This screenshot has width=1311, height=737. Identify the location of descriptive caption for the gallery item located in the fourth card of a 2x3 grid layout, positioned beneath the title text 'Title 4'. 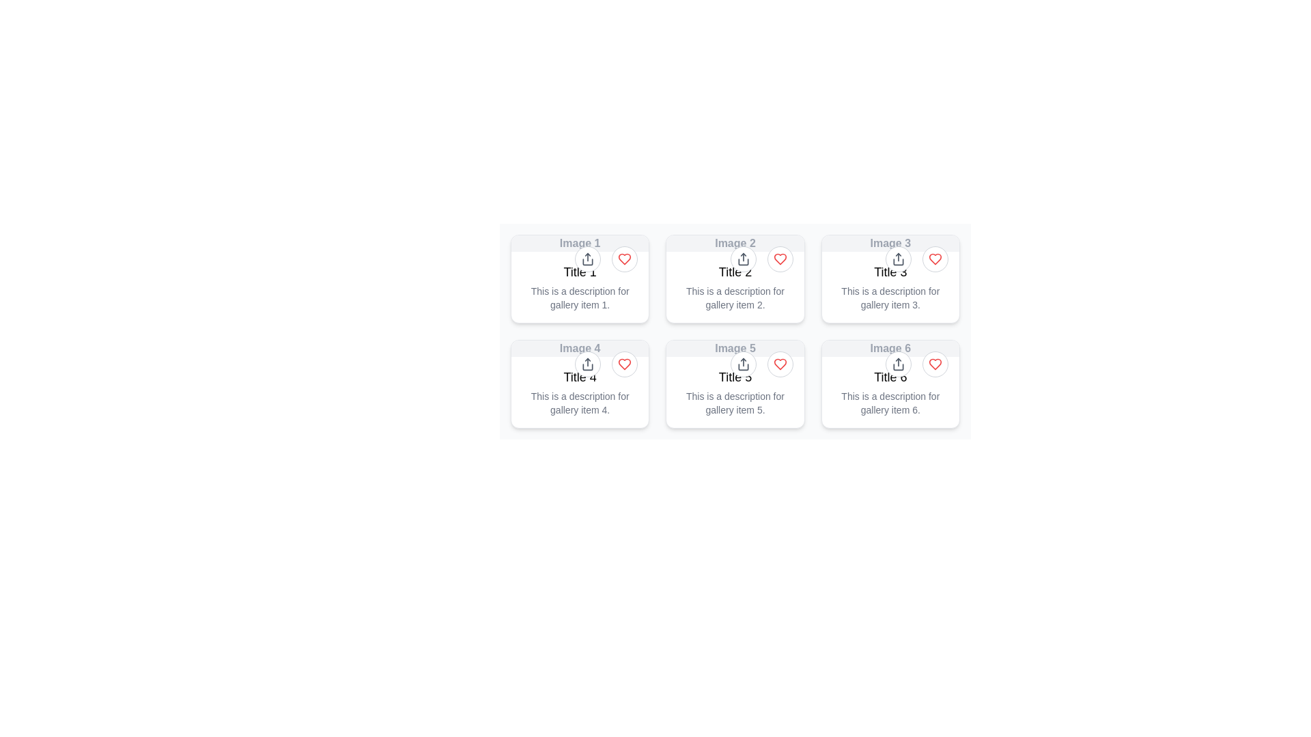
(580, 402).